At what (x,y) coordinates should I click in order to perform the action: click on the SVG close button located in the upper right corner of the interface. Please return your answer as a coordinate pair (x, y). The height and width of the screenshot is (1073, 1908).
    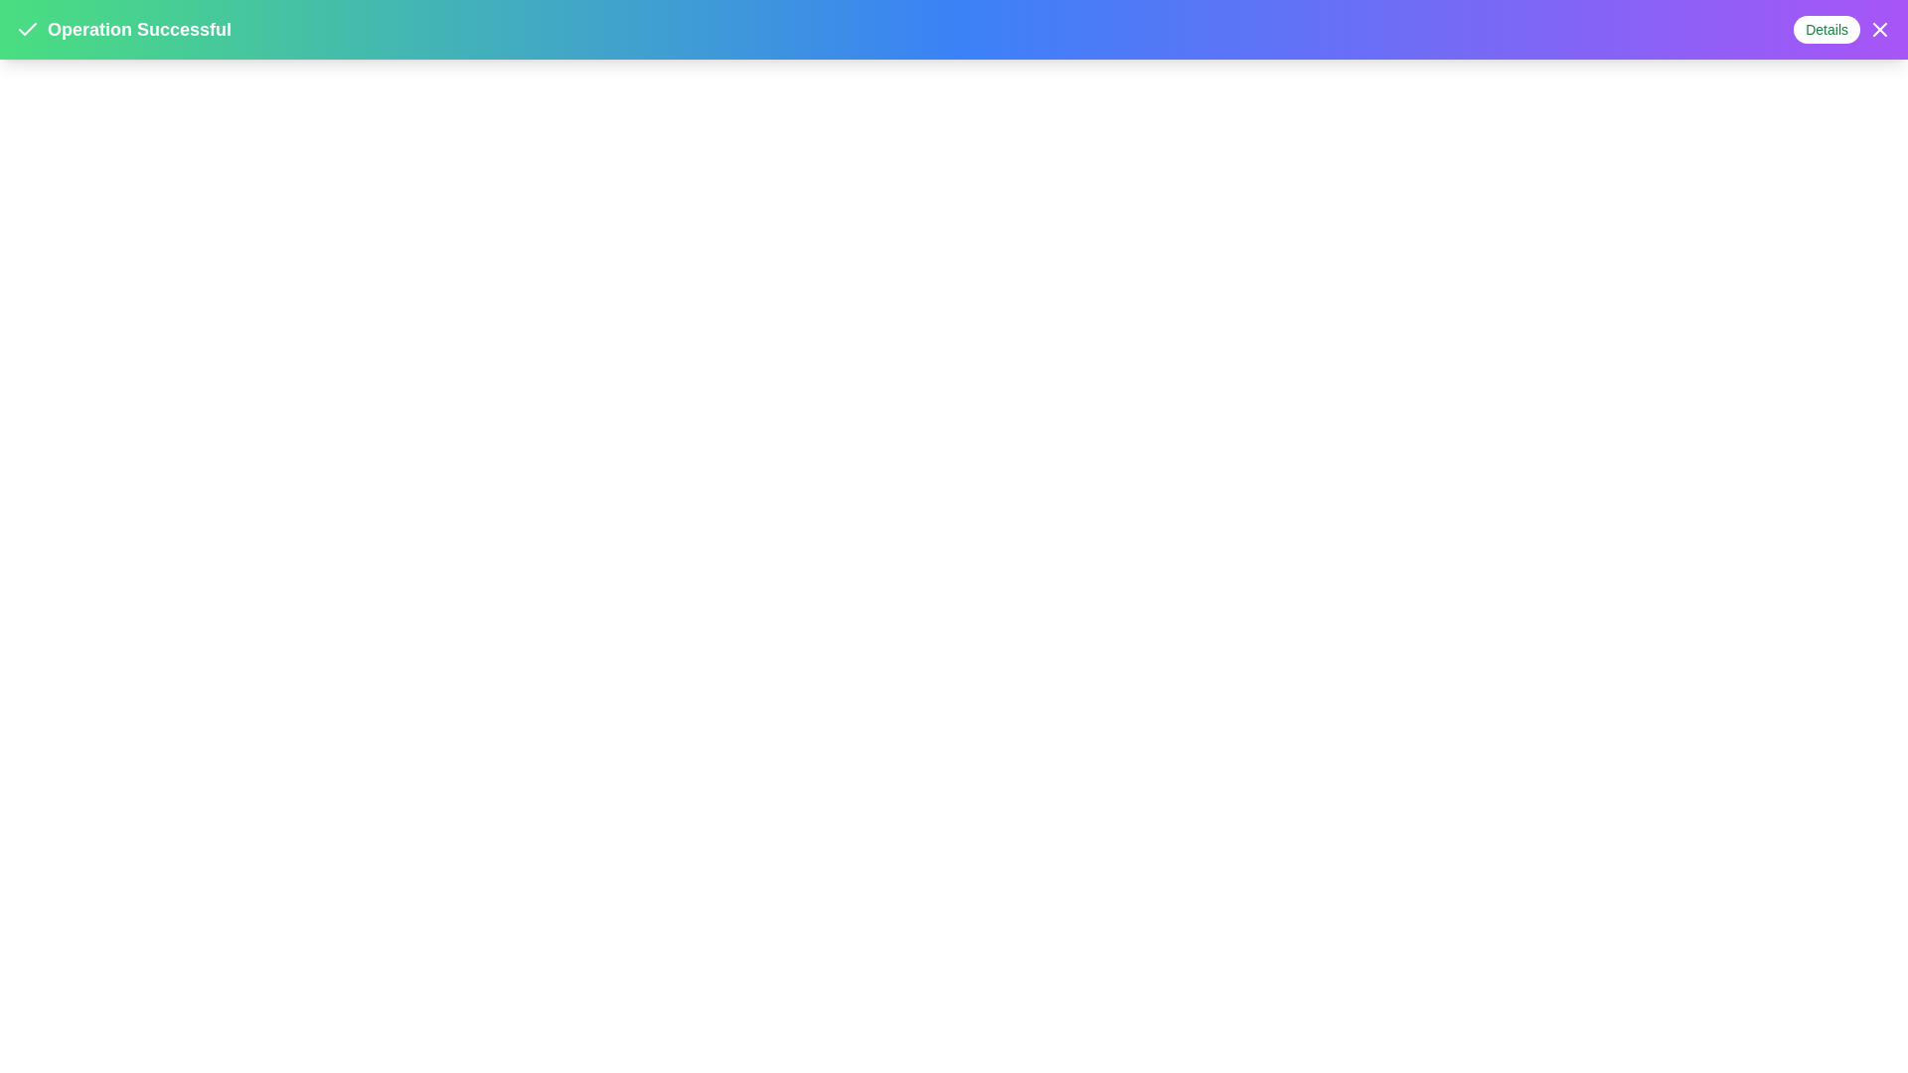
    Looking at the image, I should click on (1878, 30).